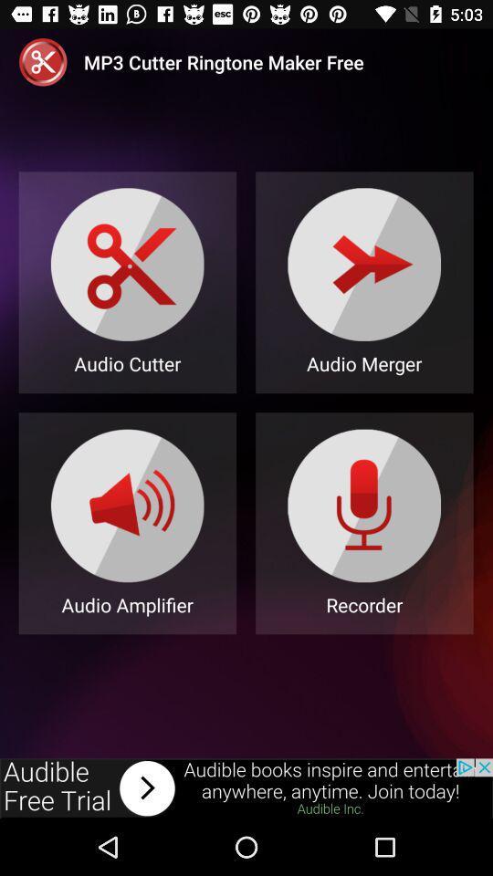 The image size is (493, 876). What do you see at coordinates (246, 787) in the screenshot?
I see `audible inc. add` at bounding box center [246, 787].